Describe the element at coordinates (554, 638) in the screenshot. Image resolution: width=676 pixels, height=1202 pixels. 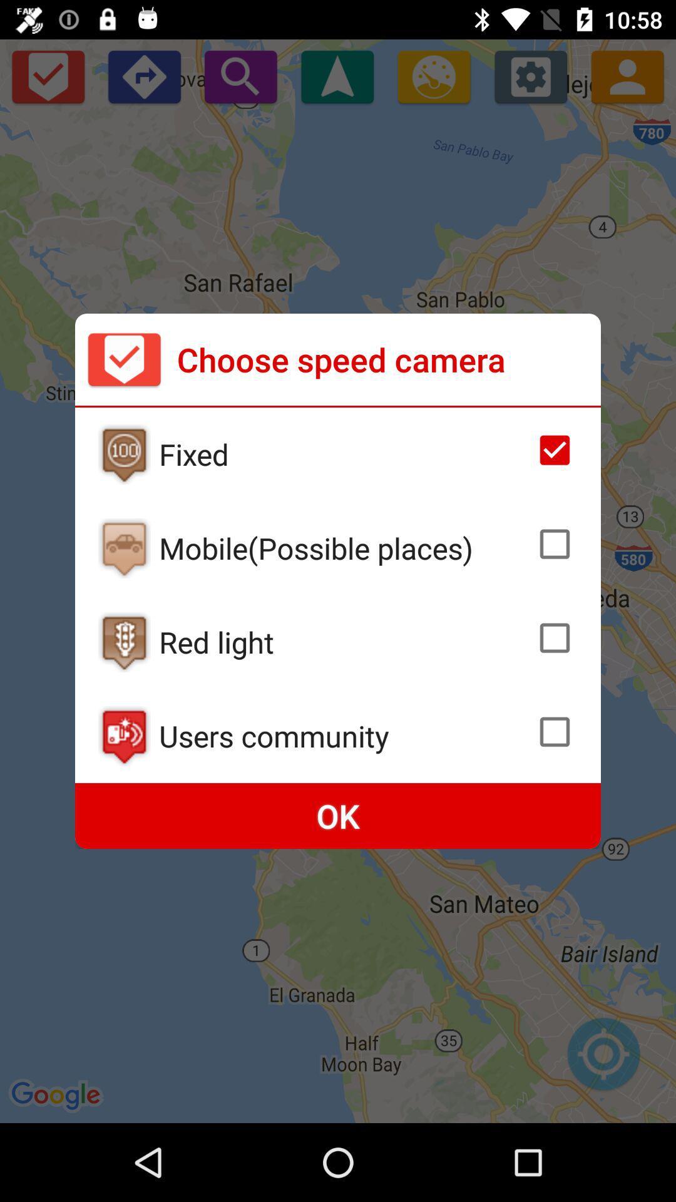
I see `choose to red light books` at that location.